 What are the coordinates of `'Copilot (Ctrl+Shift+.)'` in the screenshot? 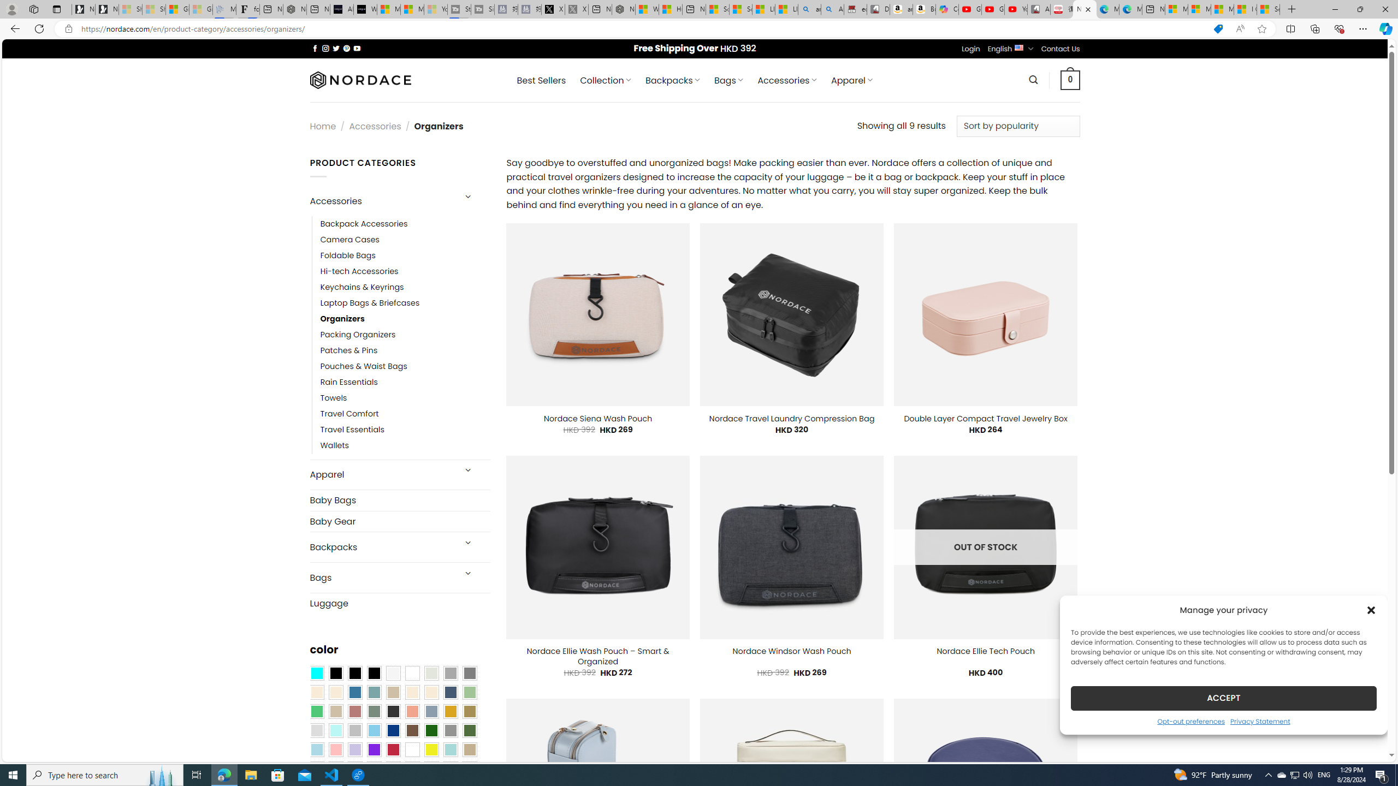 It's located at (1384, 28).